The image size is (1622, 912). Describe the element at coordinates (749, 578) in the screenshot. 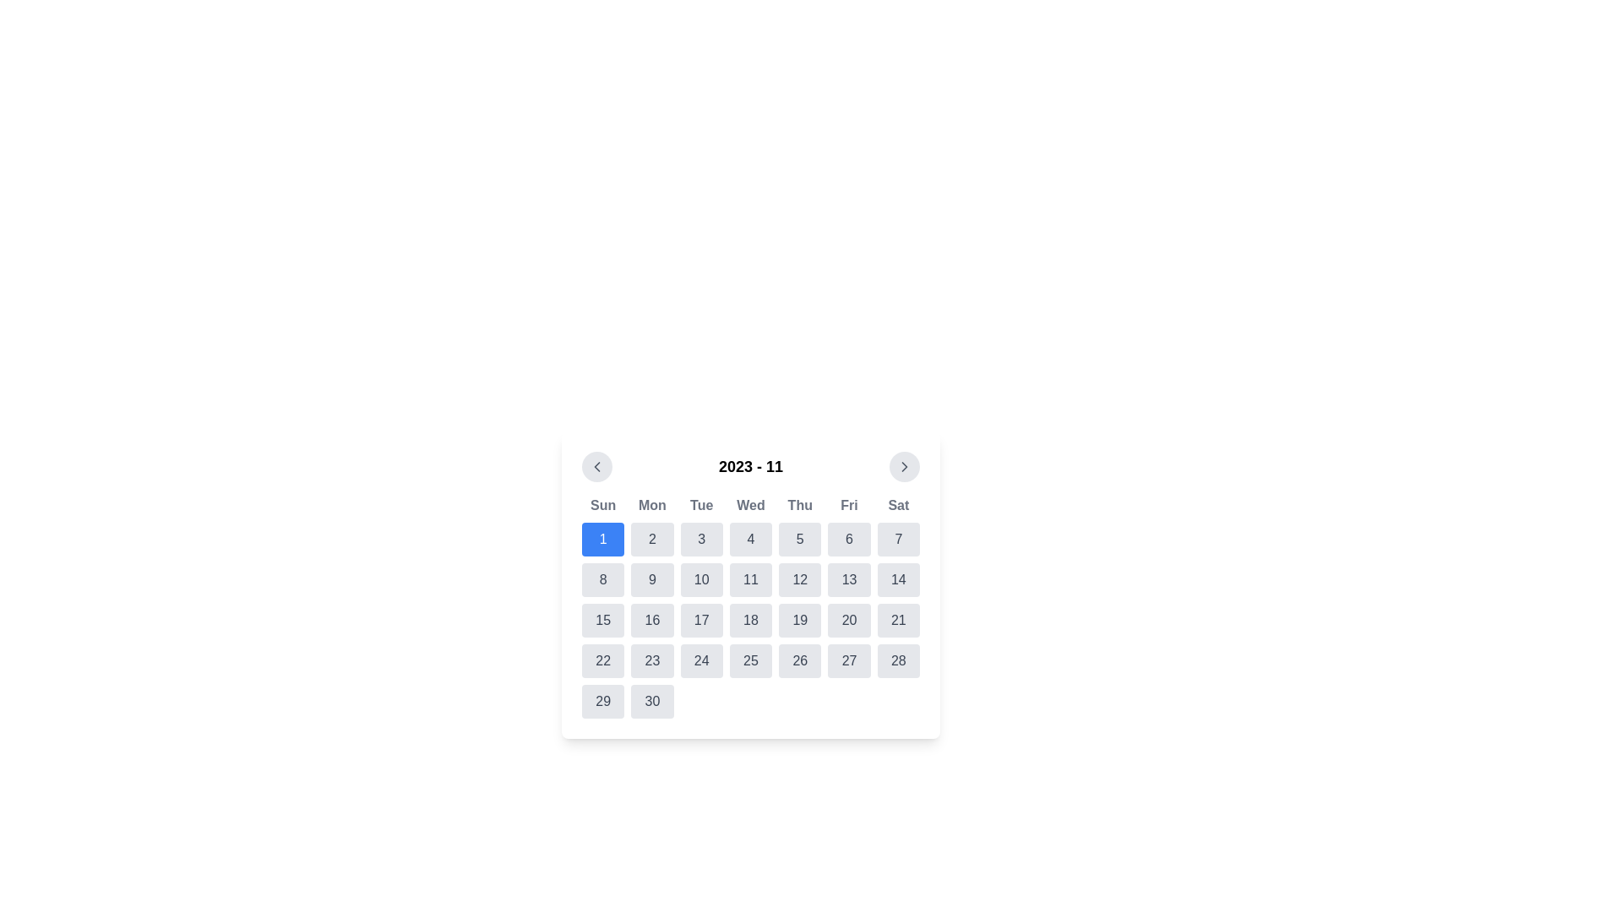

I see `the button displaying the number '11' in the calendar layout to change its background color` at that location.